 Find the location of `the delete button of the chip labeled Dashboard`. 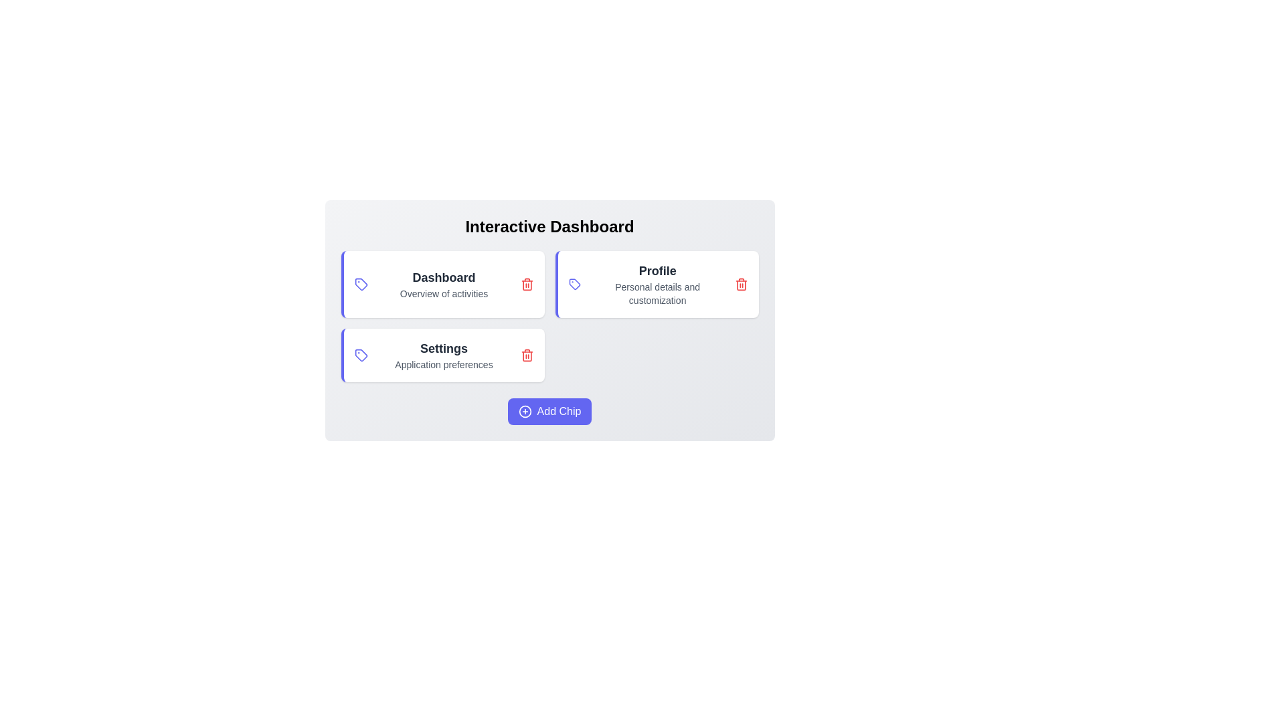

the delete button of the chip labeled Dashboard is located at coordinates (526, 283).